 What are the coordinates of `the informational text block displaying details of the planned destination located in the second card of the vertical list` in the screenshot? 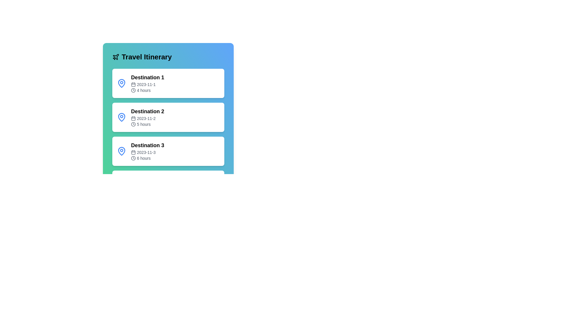 It's located at (147, 117).